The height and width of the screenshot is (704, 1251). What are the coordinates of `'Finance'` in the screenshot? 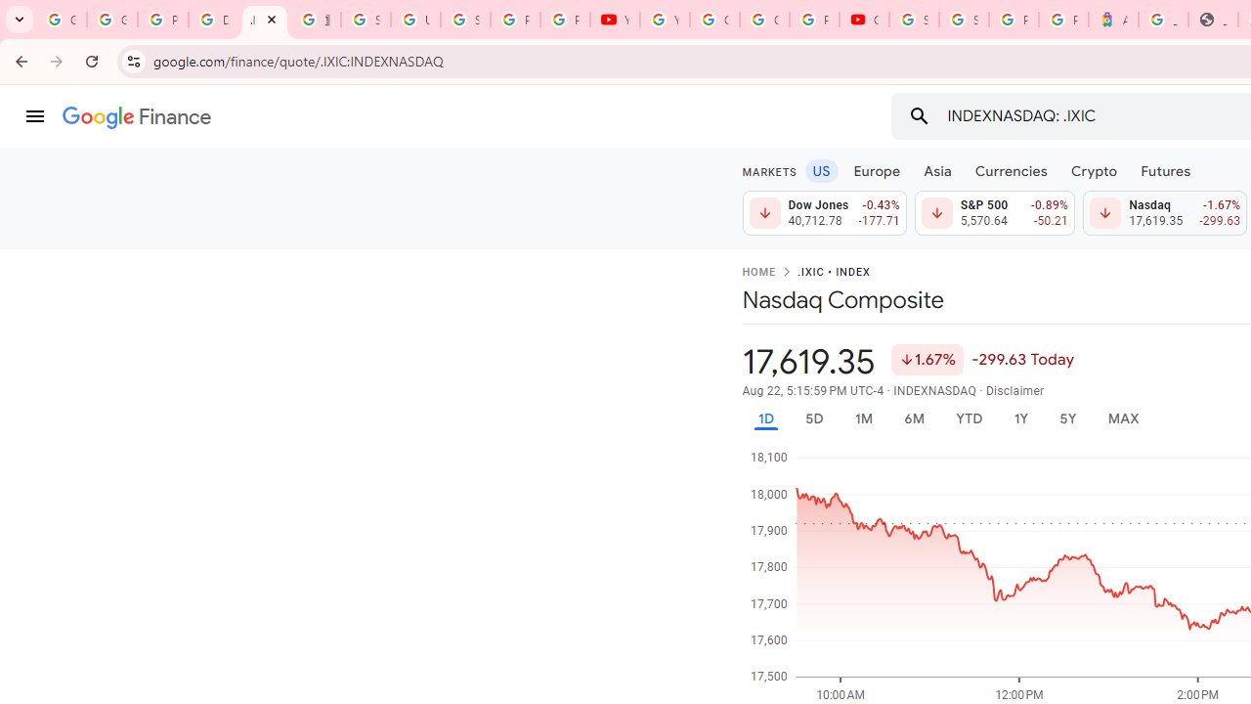 It's located at (136, 117).